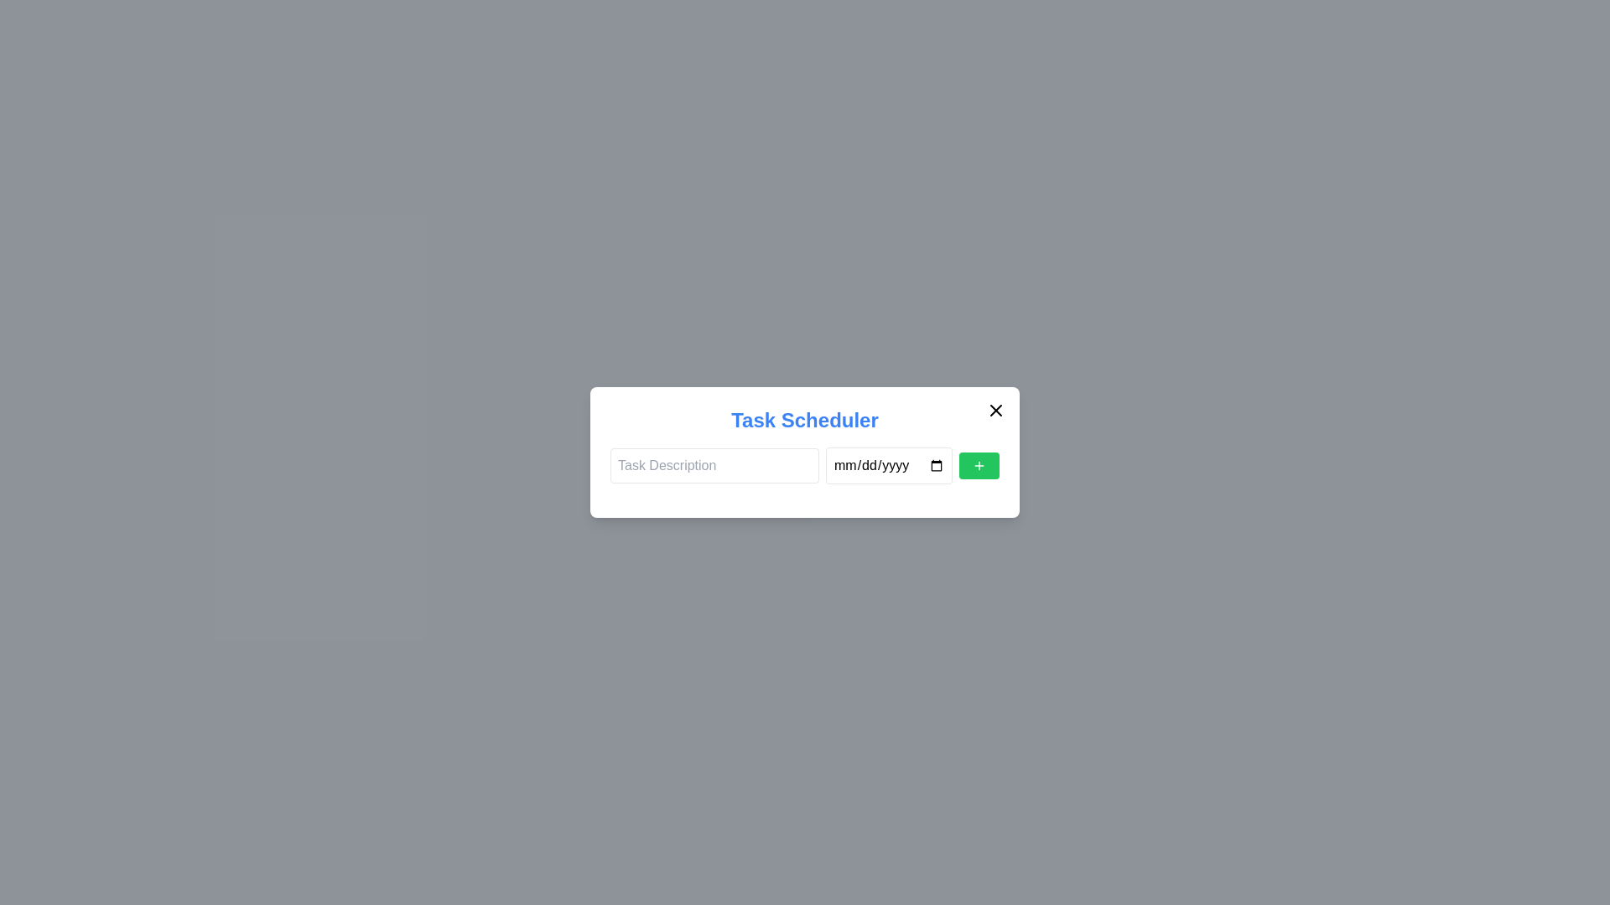  I want to click on the Icon button located in the bottom right corner of the 'Task Scheduler' modal, so click(979, 465).